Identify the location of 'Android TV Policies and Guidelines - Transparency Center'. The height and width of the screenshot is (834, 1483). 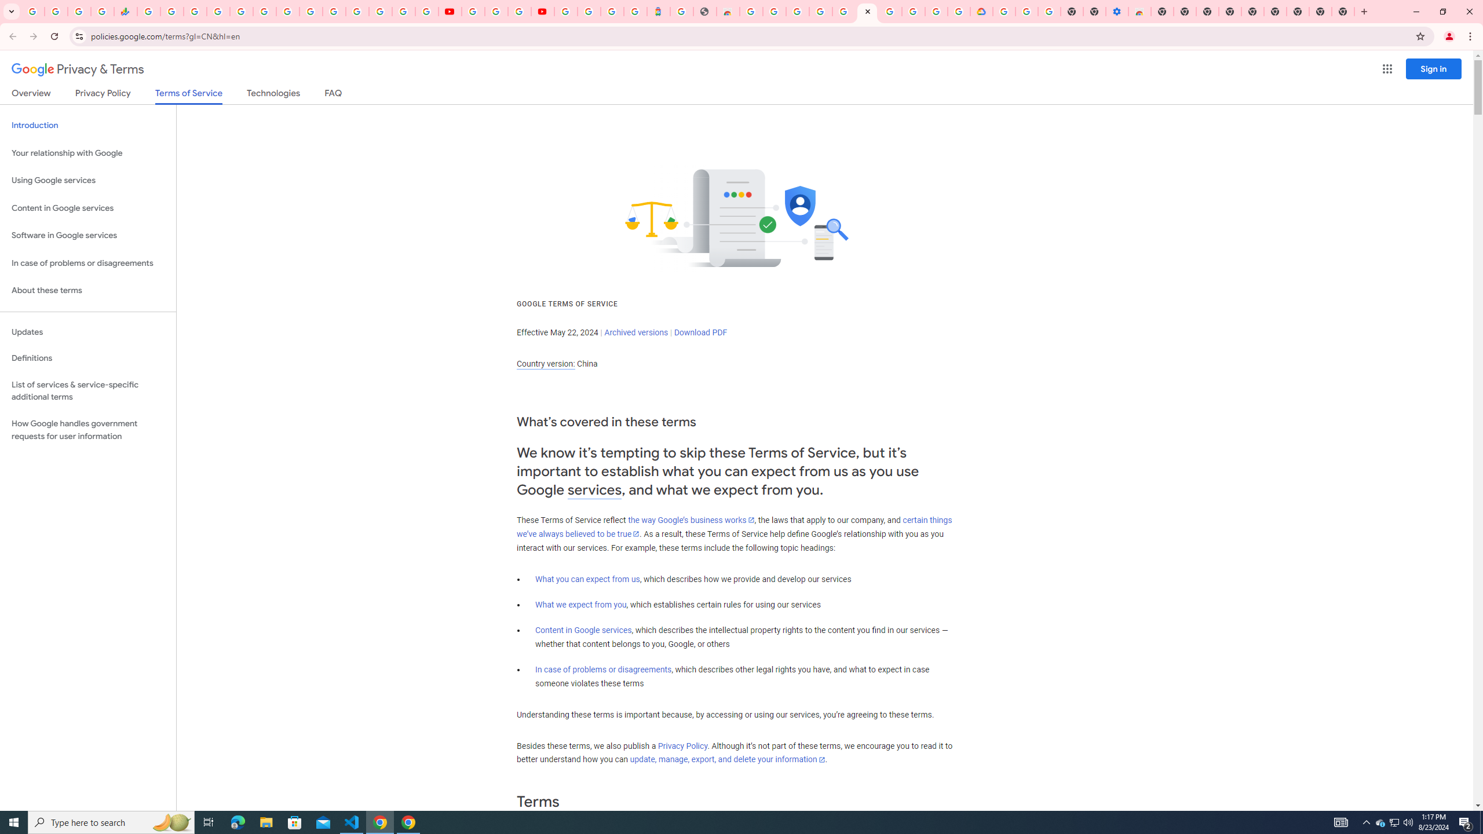
(287, 11).